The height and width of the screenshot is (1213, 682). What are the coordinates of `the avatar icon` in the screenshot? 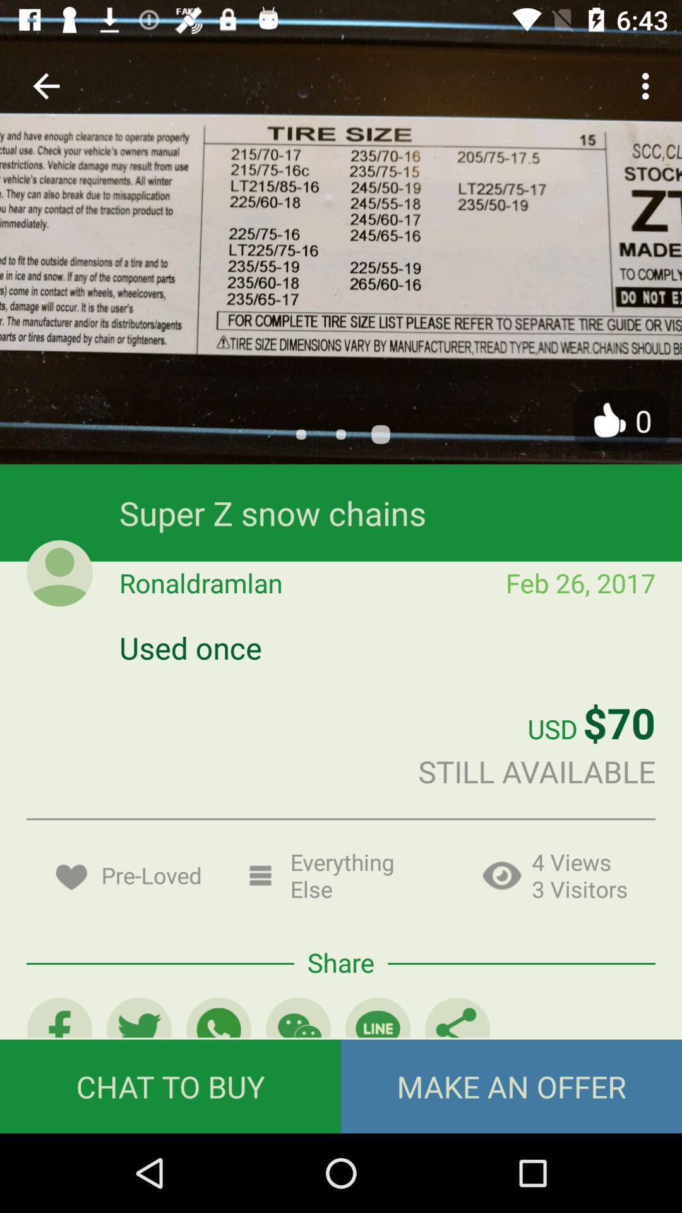 It's located at (59, 572).